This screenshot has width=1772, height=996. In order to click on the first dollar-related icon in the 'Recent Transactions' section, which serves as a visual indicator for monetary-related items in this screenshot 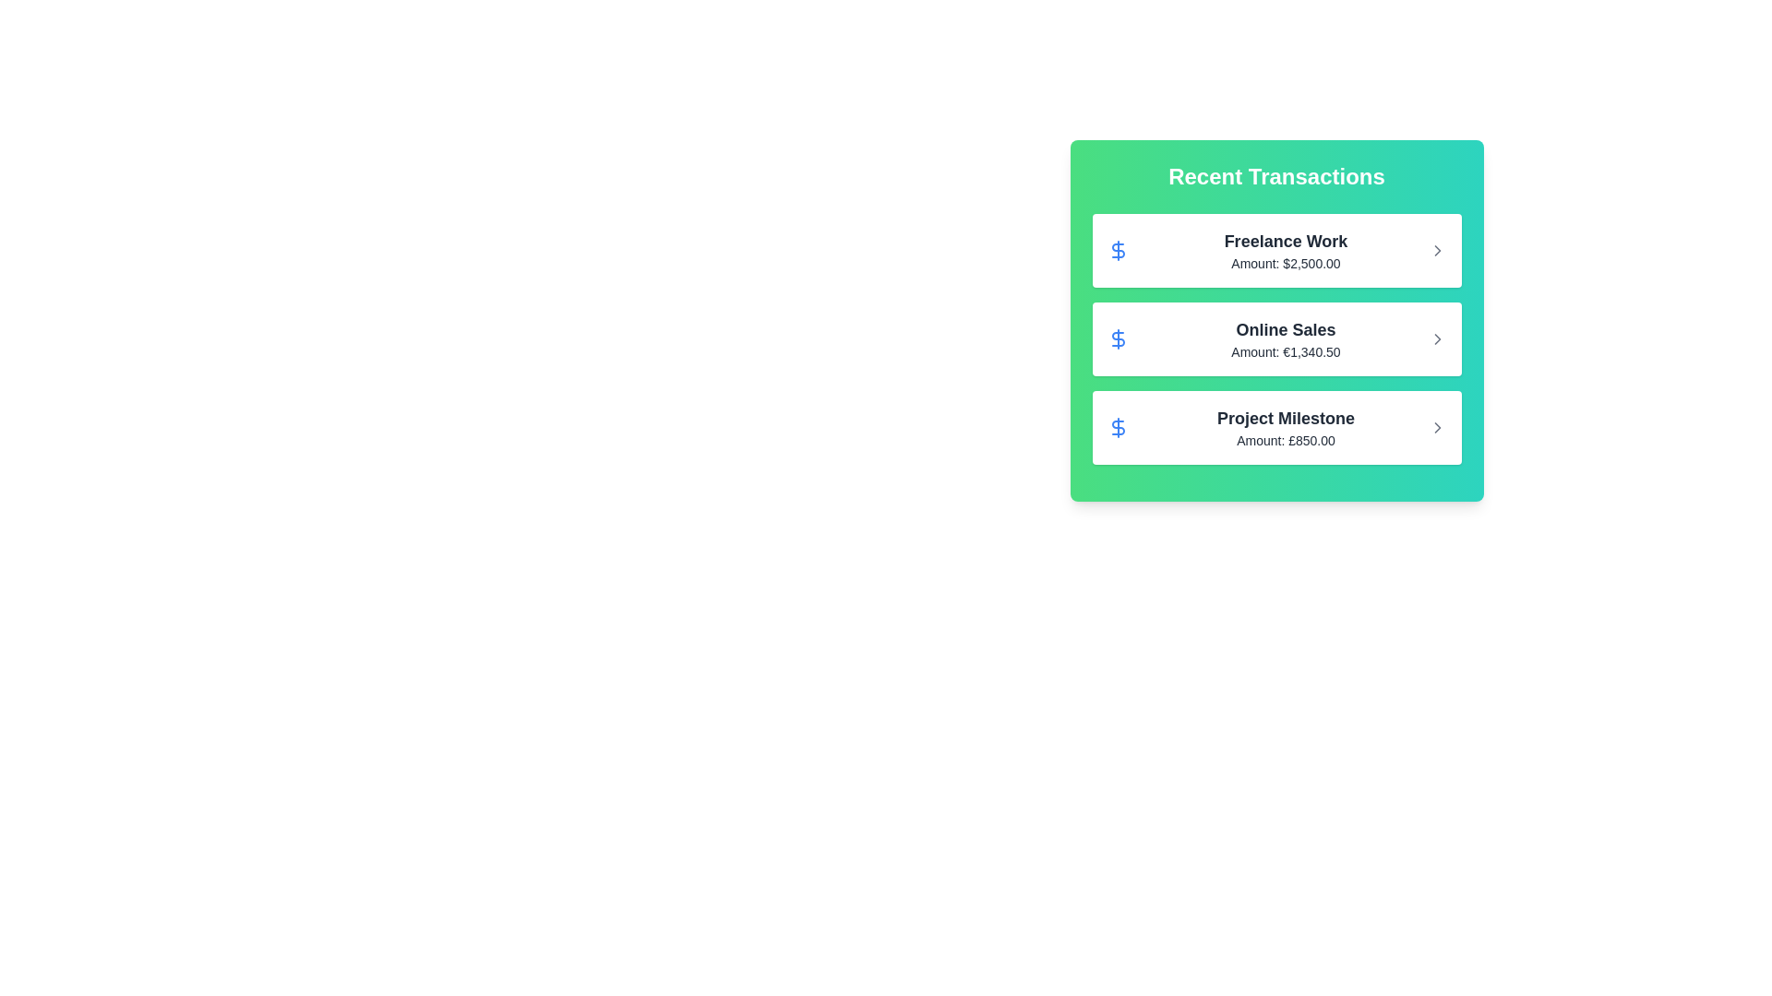, I will do `click(1117, 251)`.